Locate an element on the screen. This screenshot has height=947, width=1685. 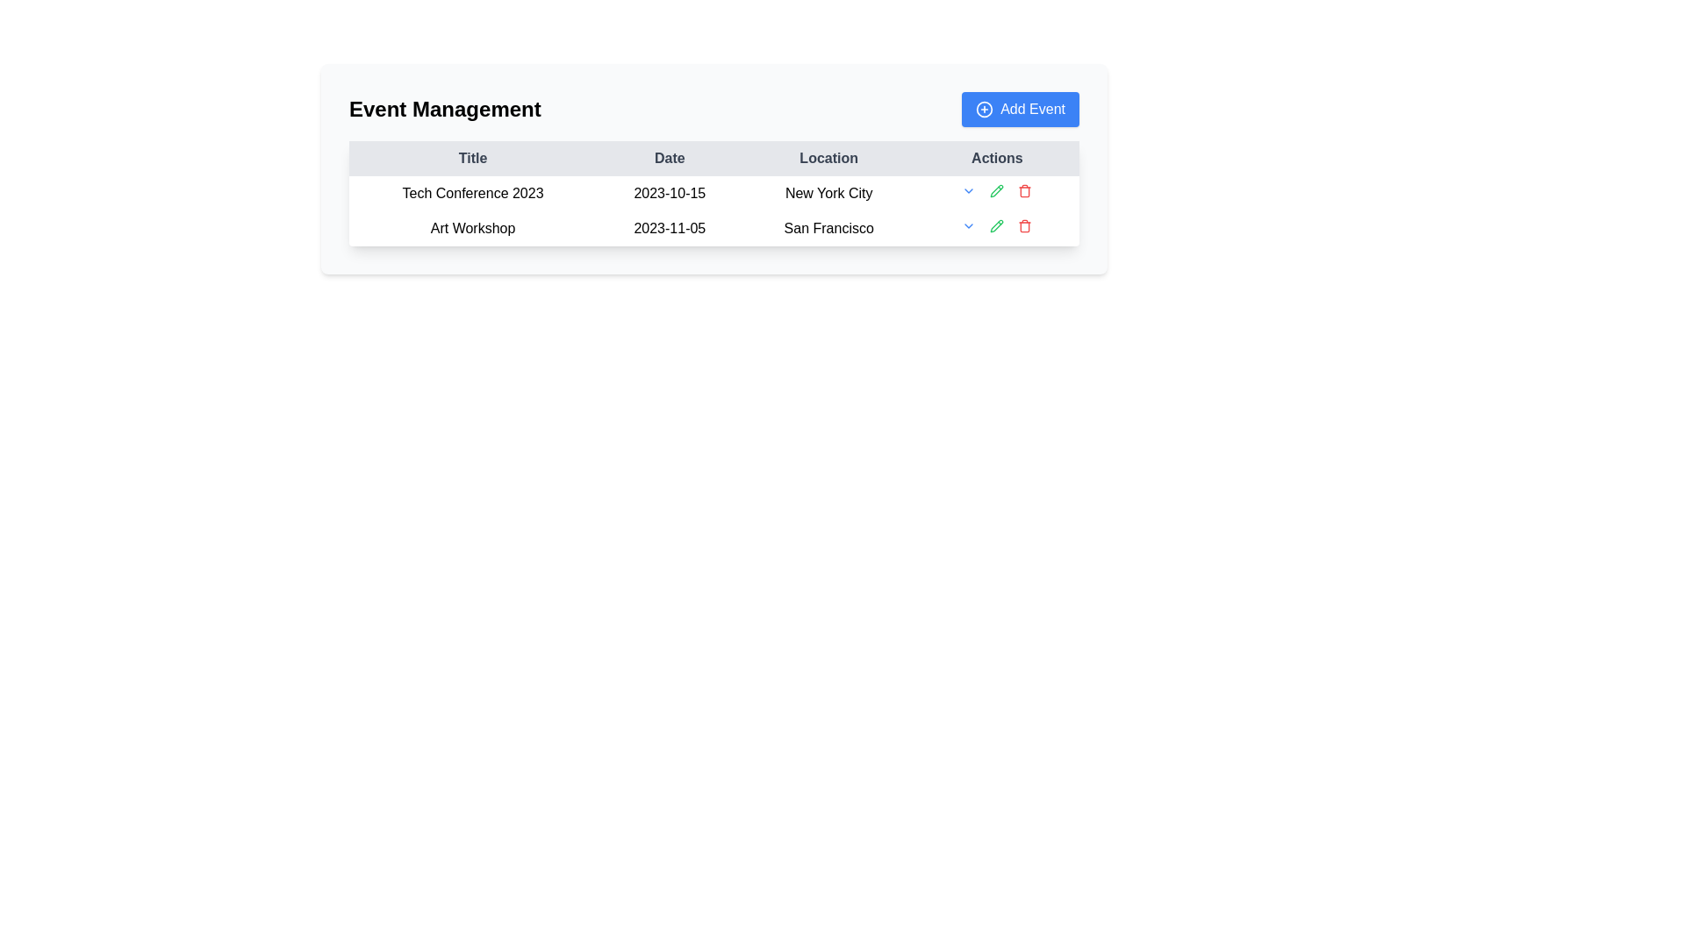
the second row of the table representing the event titled 'Art Workshop', located directly below the 'Tech Conference 2023' row is located at coordinates (714, 228).